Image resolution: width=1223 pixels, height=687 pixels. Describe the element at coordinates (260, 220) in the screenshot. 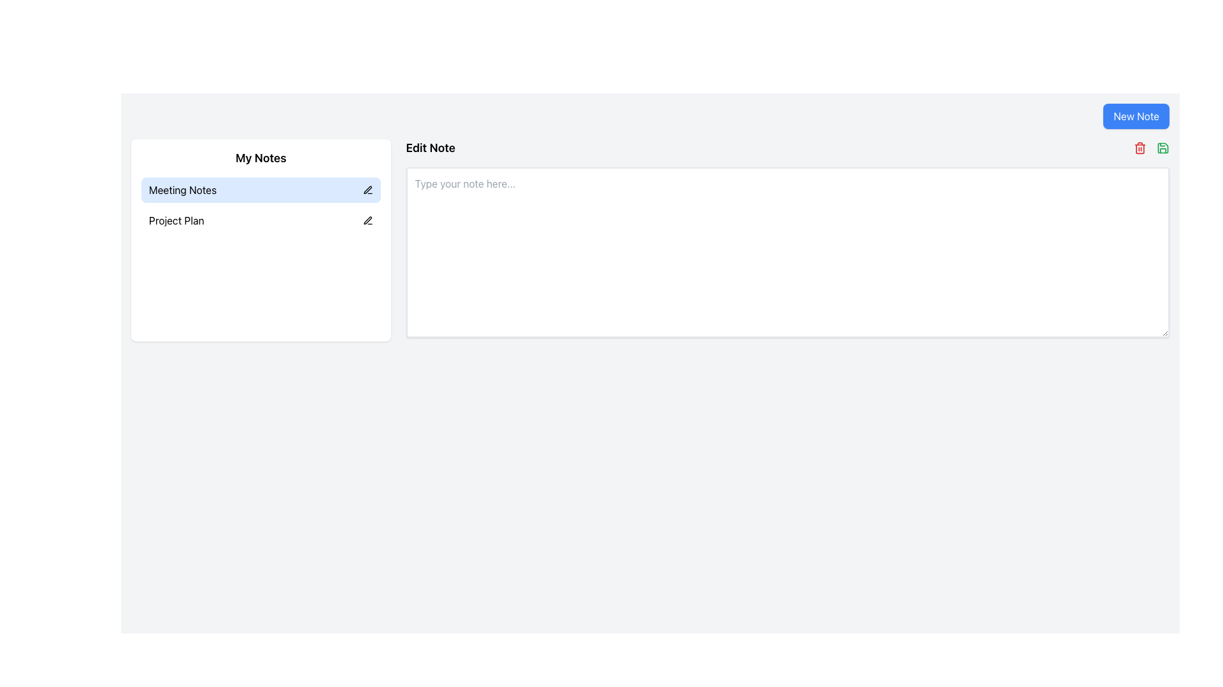

I see `to select the note entry labeled 'Project Plan' located in the 'My Notes' section below the 'Meeting Notes' entry` at that location.